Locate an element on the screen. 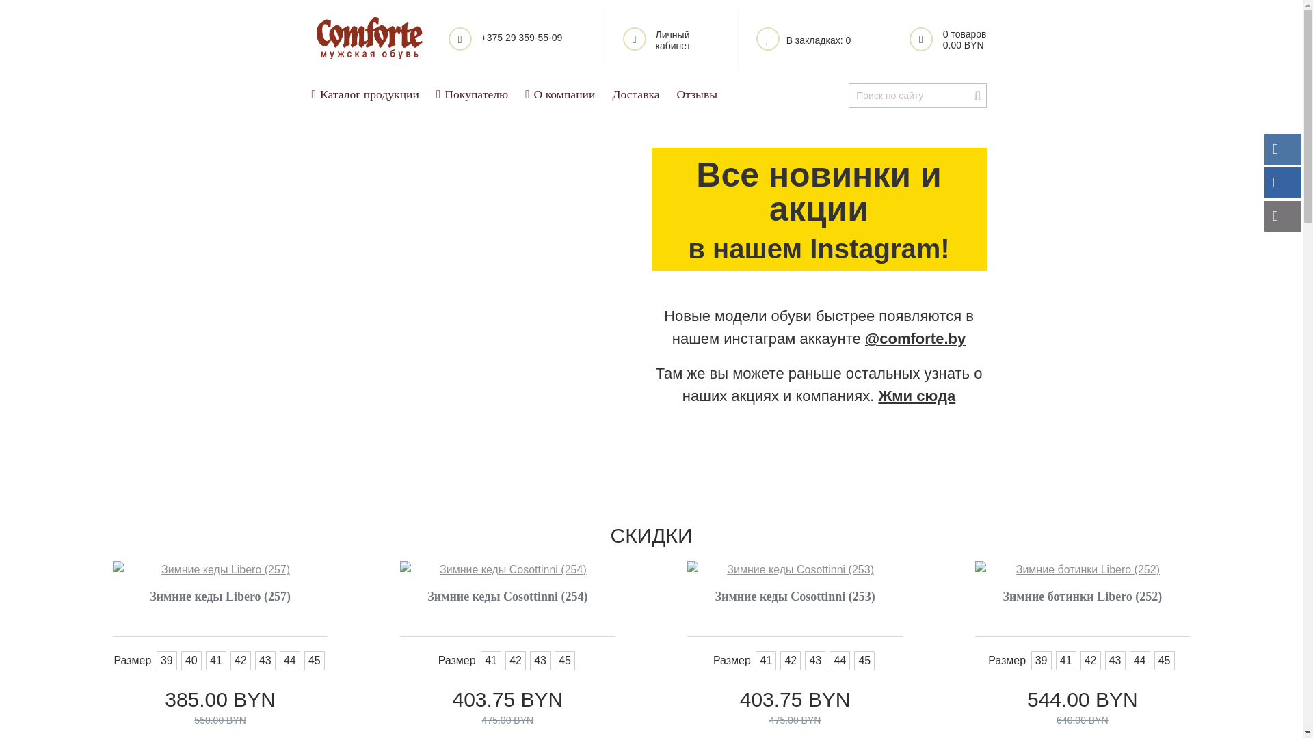 Image resolution: width=1313 pixels, height=738 pixels. '+375 29 359-55-09' is located at coordinates (517, 38).